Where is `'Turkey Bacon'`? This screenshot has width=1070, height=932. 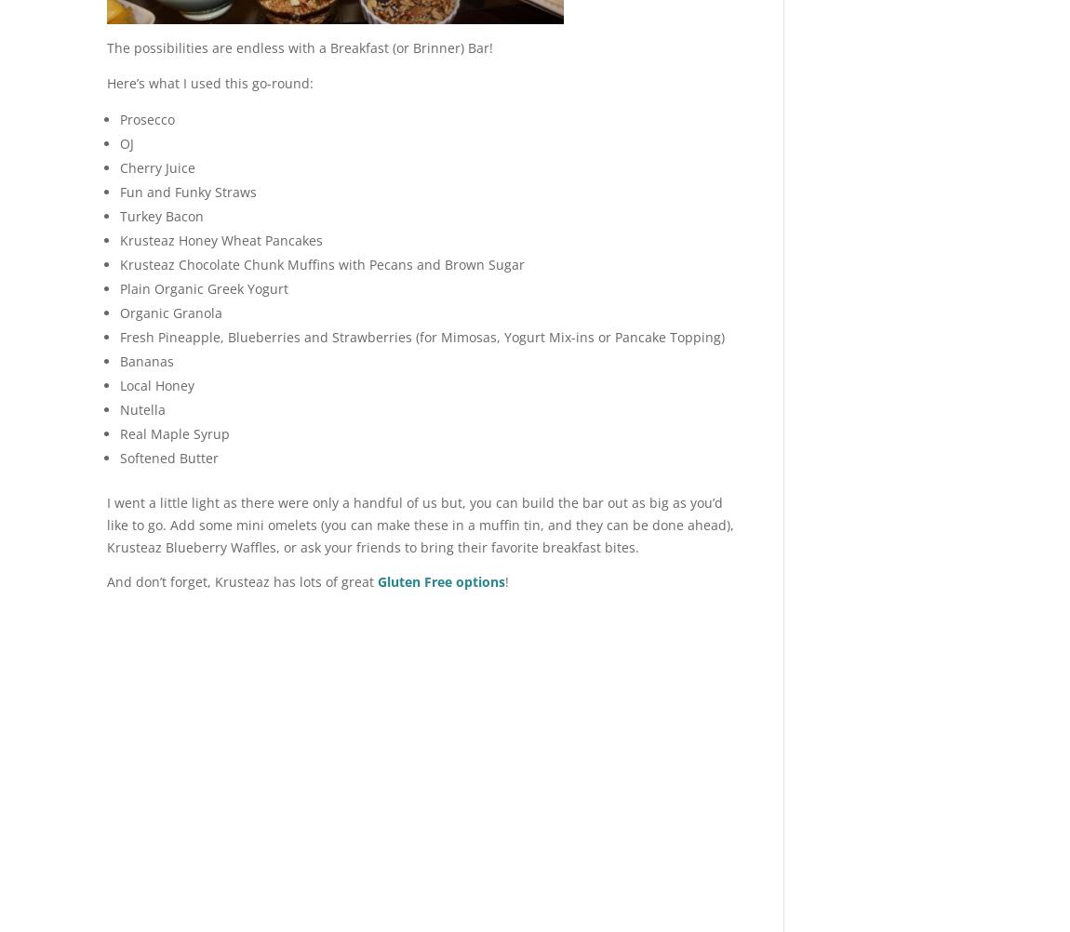 'Turkey Bacon' is located at coordinates (160, 215).